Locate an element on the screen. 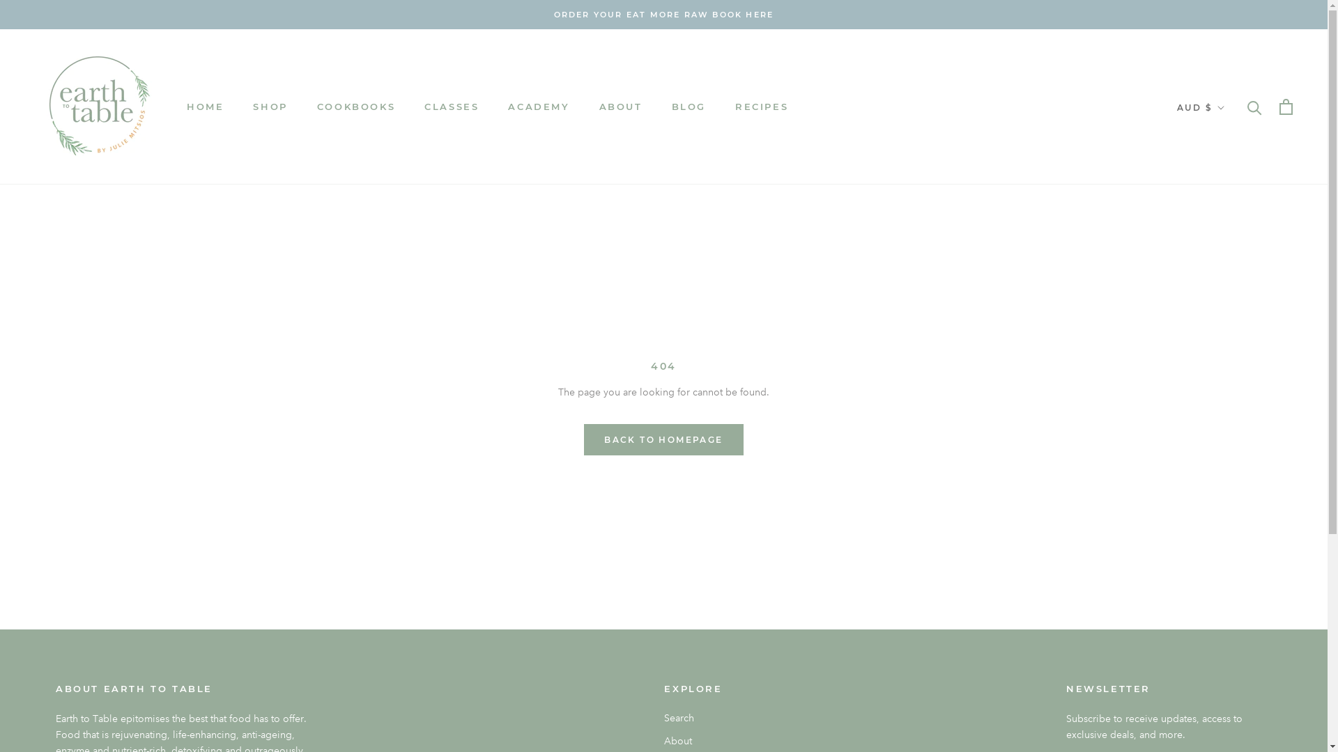  'BAM' is located at coordinates (1227, 304).